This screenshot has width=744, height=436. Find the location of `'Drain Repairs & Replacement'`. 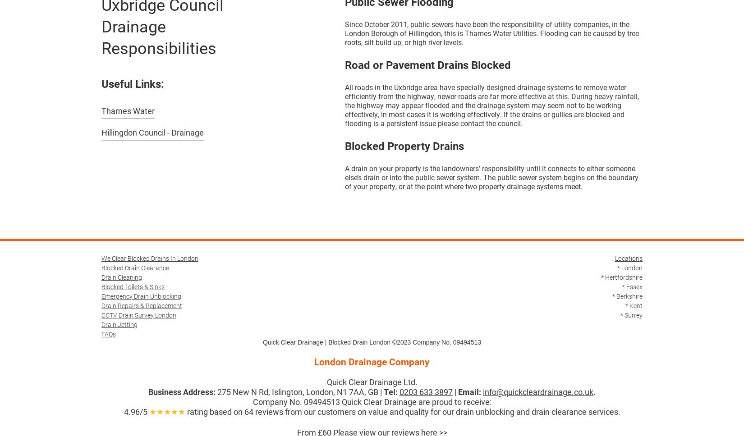

'Drain Repairs & Replacement' is located at coordinates (101, 305).